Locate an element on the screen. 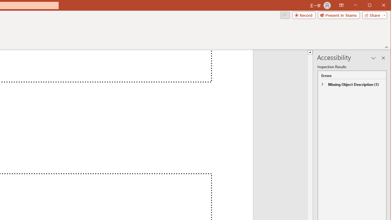 Image resolution: width=391 pixels, height=220 pixels. 'Close pane' is located at coordinates (383, 58).